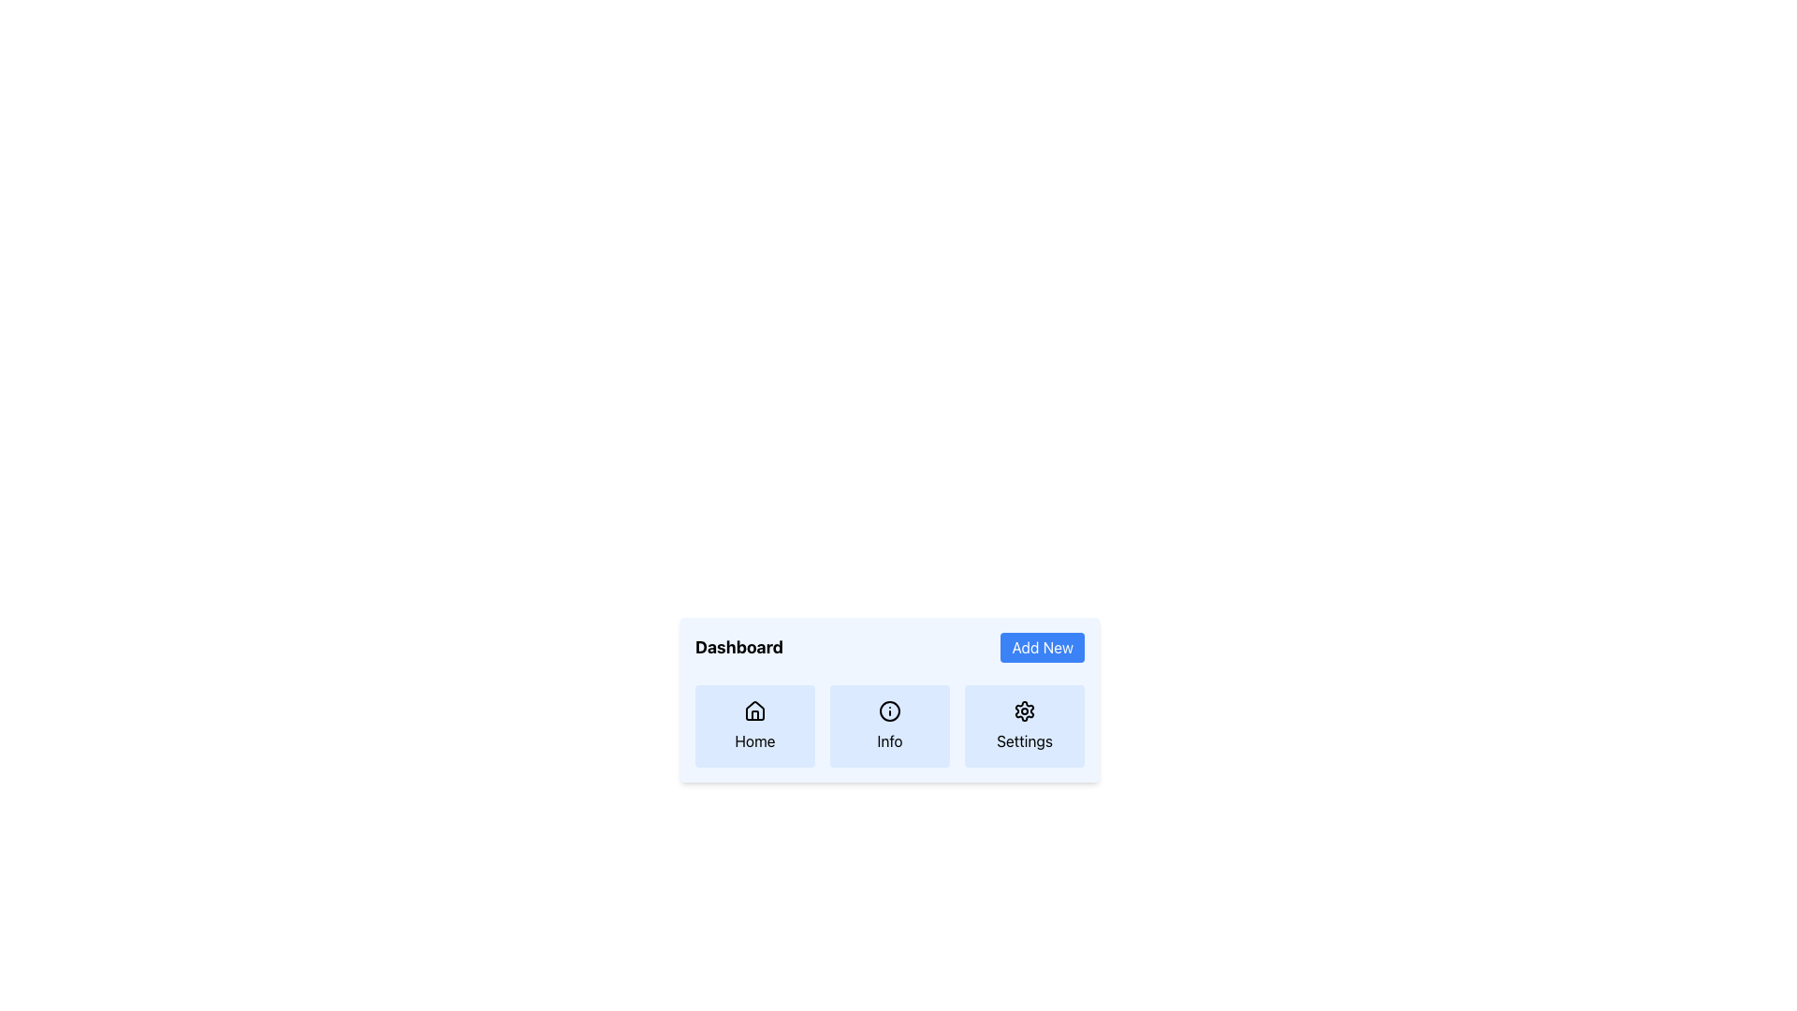  What do you see at coordinates (754, 711) in the screenshot?
I see `the 'Home' button which is represented by the house icon located in the bottom section of the interface` at bounding box center [754, 711].